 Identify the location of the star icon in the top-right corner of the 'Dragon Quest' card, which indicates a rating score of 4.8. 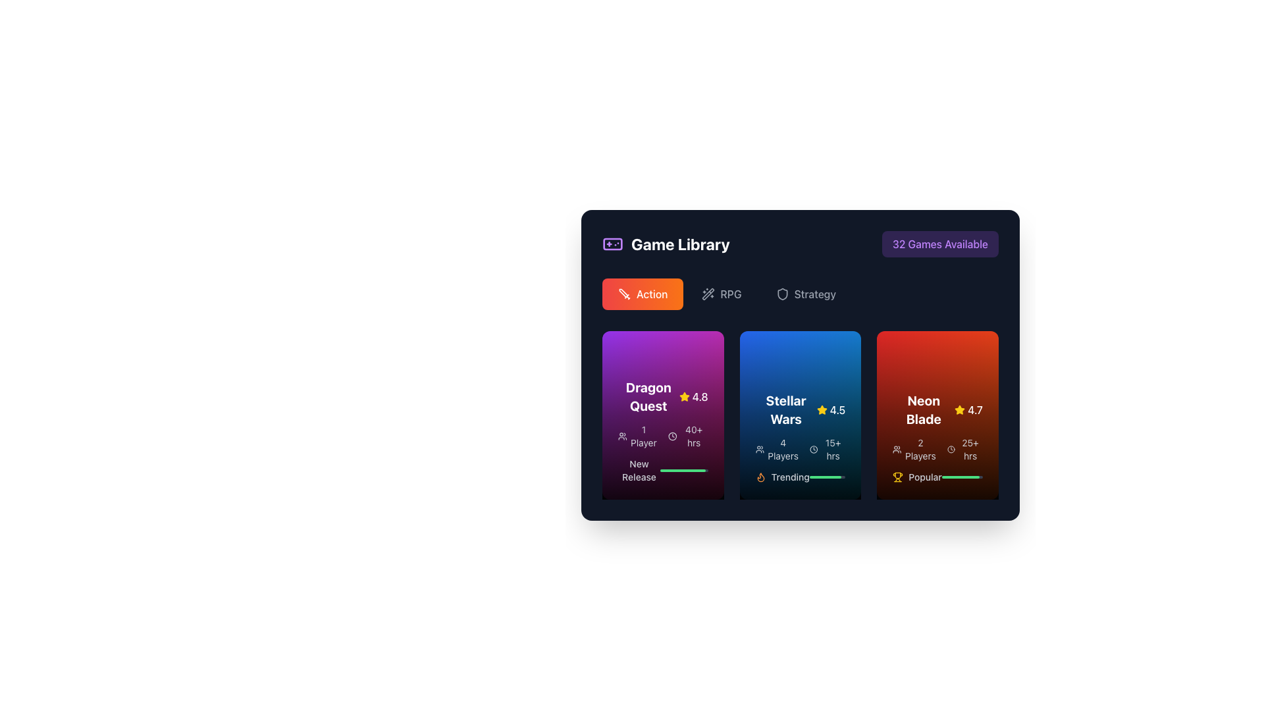
(684, 396).